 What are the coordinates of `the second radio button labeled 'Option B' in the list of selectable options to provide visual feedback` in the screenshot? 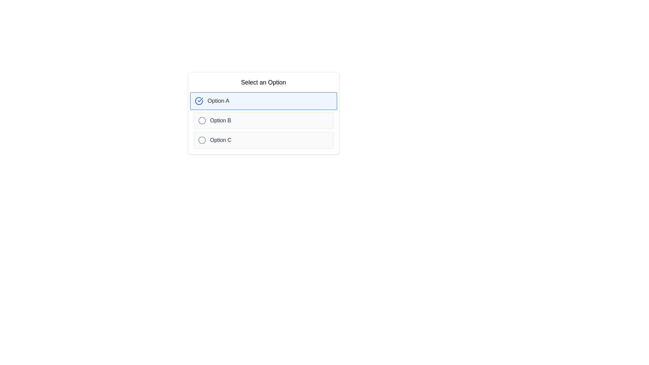 It's located at (263, 120).